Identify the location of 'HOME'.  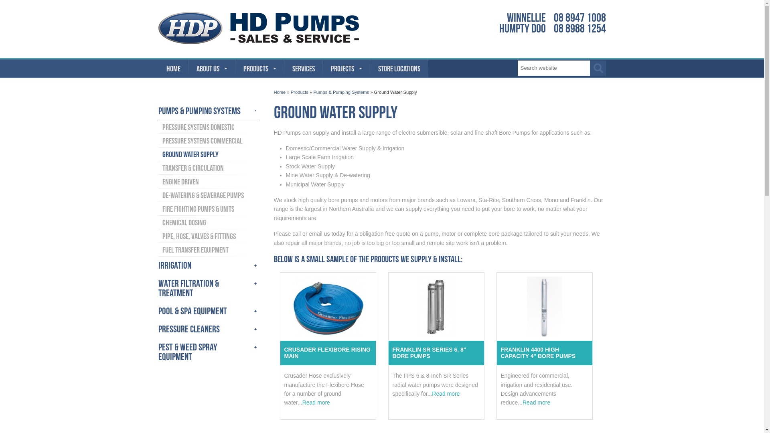
(172, 68).